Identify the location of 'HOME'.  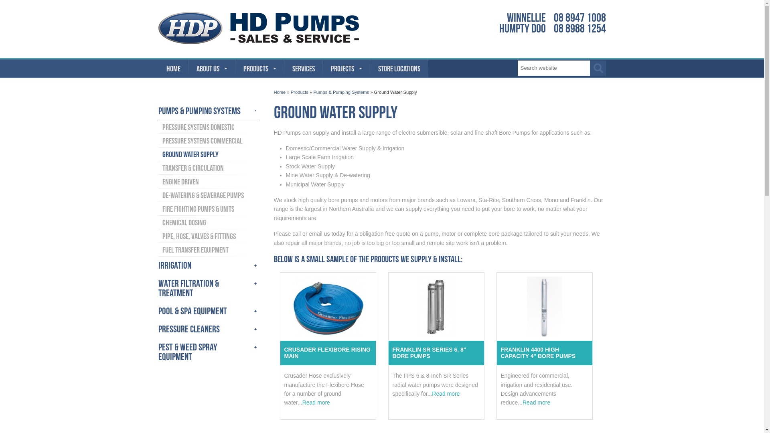
(172, 68).